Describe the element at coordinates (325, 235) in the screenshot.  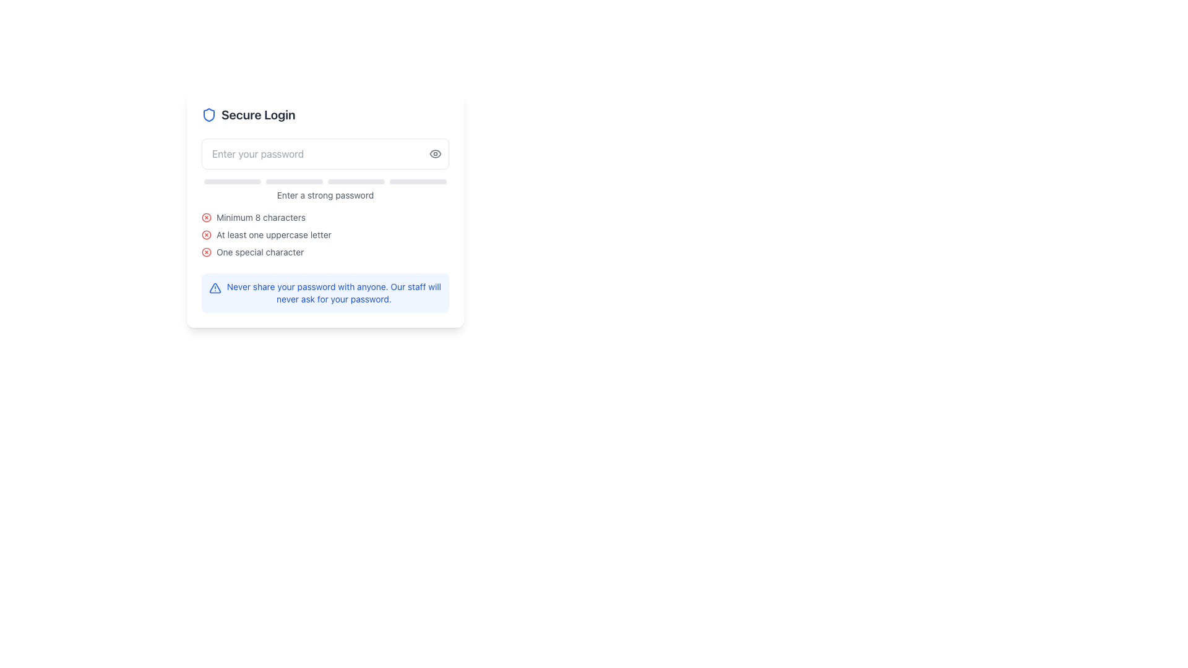
I see `the requirement status indicator text element, which informs users about the inclusion of at least one uppercase letter in the input` at that location.